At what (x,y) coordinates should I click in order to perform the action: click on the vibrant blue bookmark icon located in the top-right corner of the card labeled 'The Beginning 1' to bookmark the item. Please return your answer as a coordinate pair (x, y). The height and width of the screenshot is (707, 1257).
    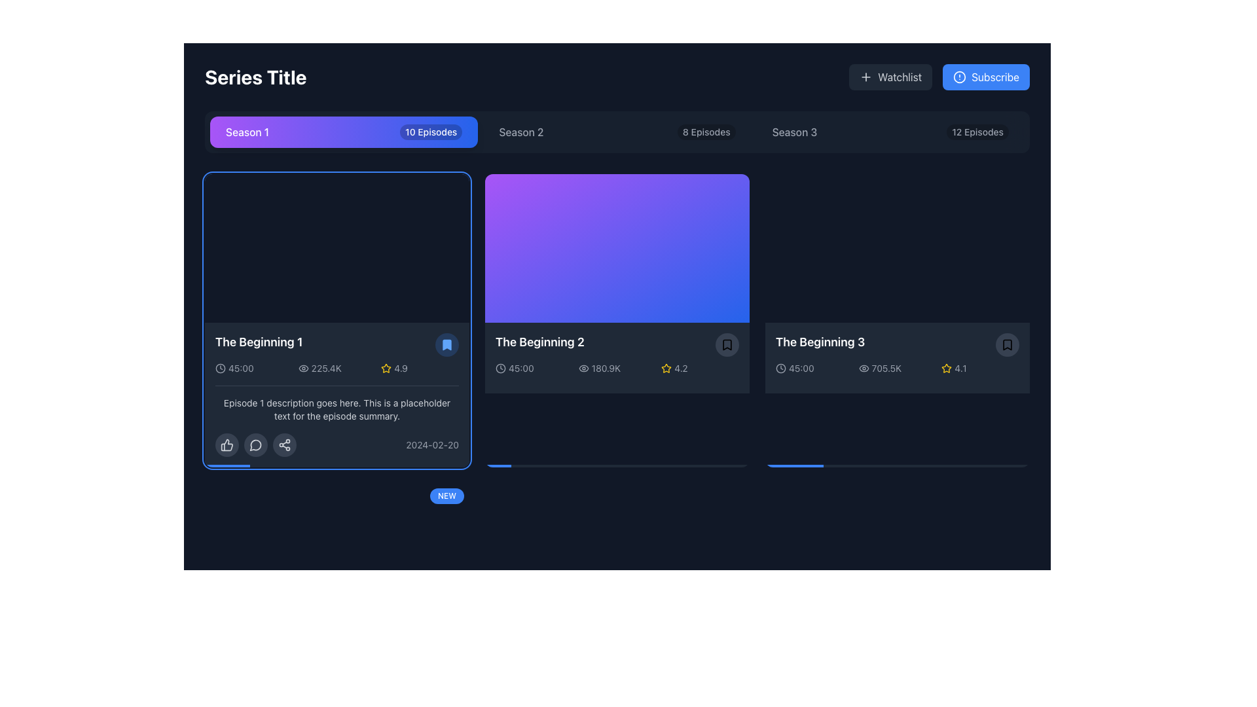
    Looking at the image, I should click on (446, 344).